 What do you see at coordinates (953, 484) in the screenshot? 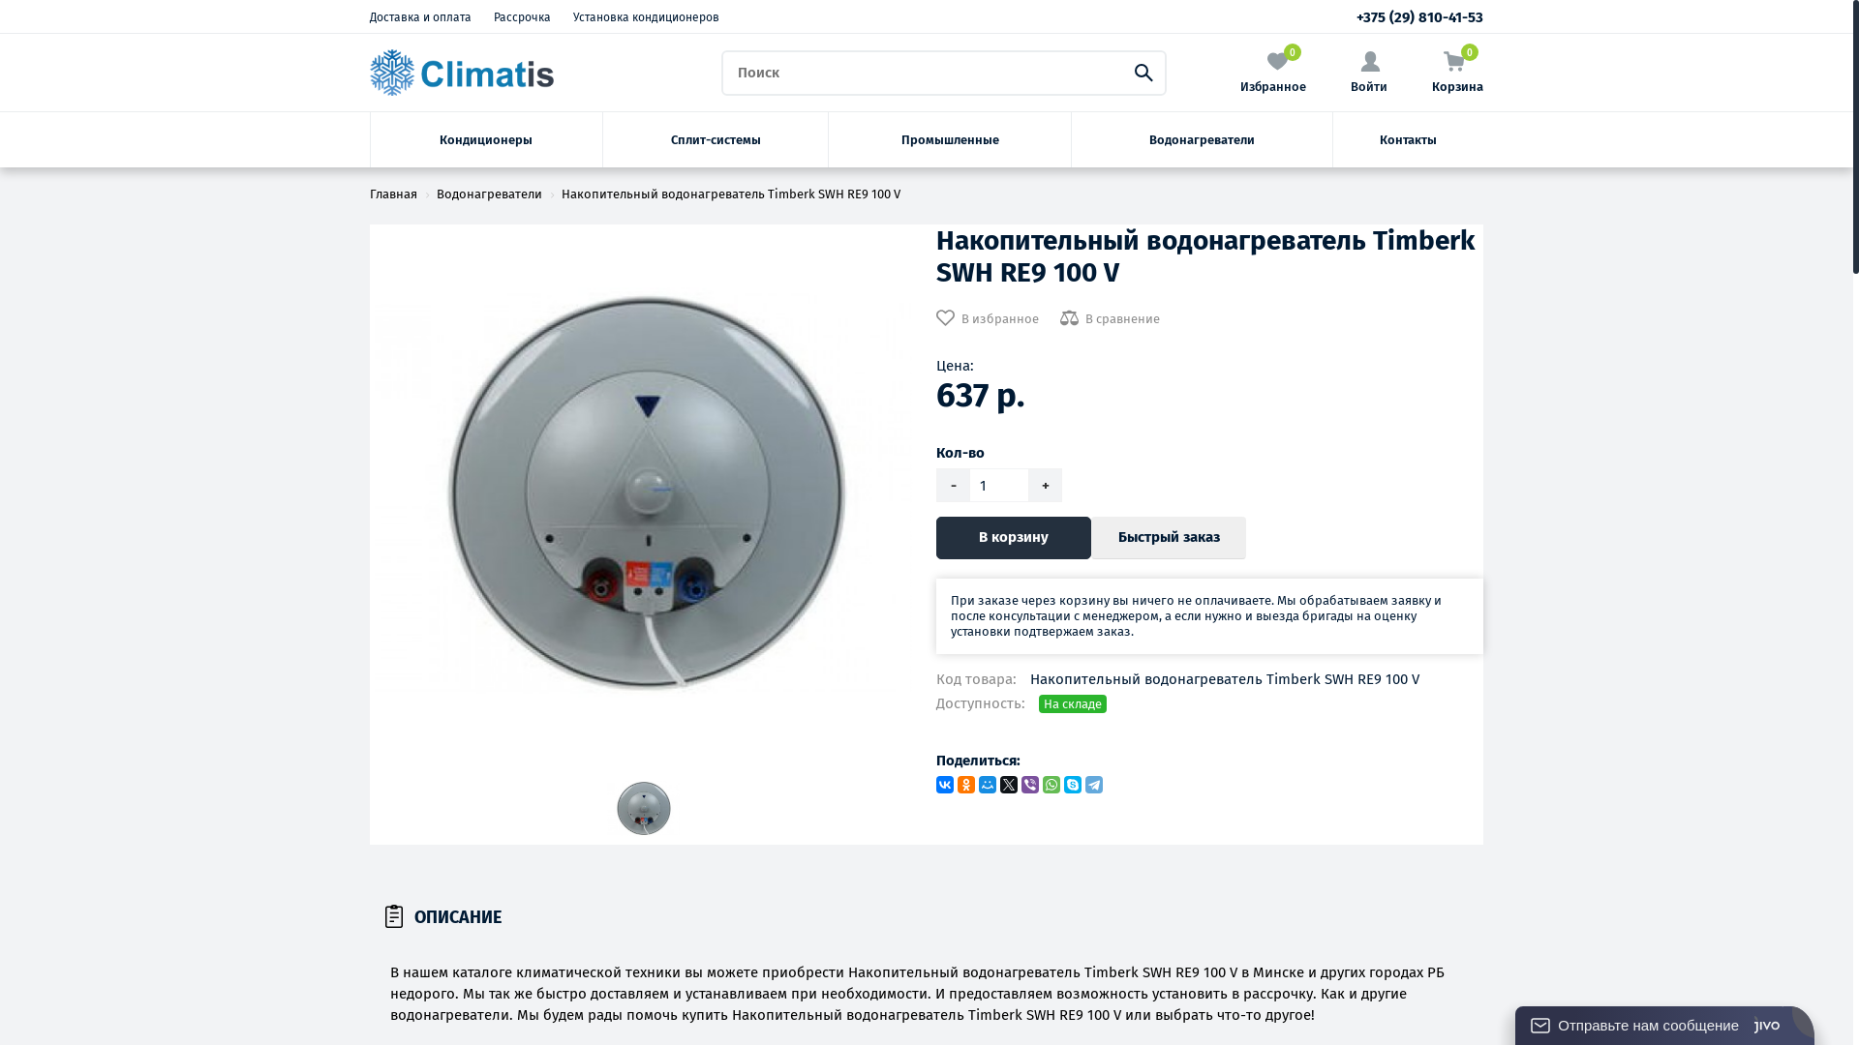
I see `'-'` at bounding box center [953, 484].